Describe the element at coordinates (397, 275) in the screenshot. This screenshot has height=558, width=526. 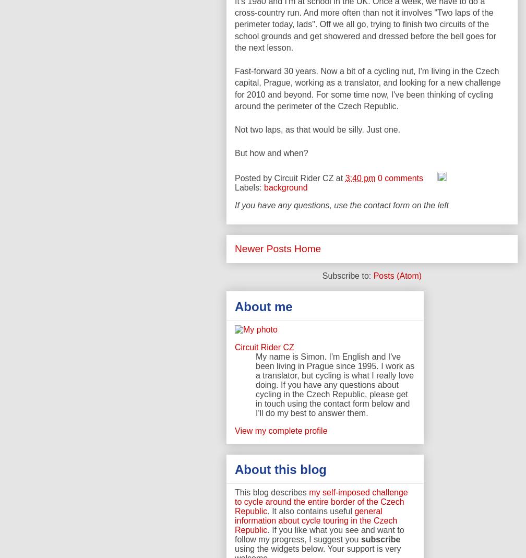
I see `'Posts (Atom)'` at that location.